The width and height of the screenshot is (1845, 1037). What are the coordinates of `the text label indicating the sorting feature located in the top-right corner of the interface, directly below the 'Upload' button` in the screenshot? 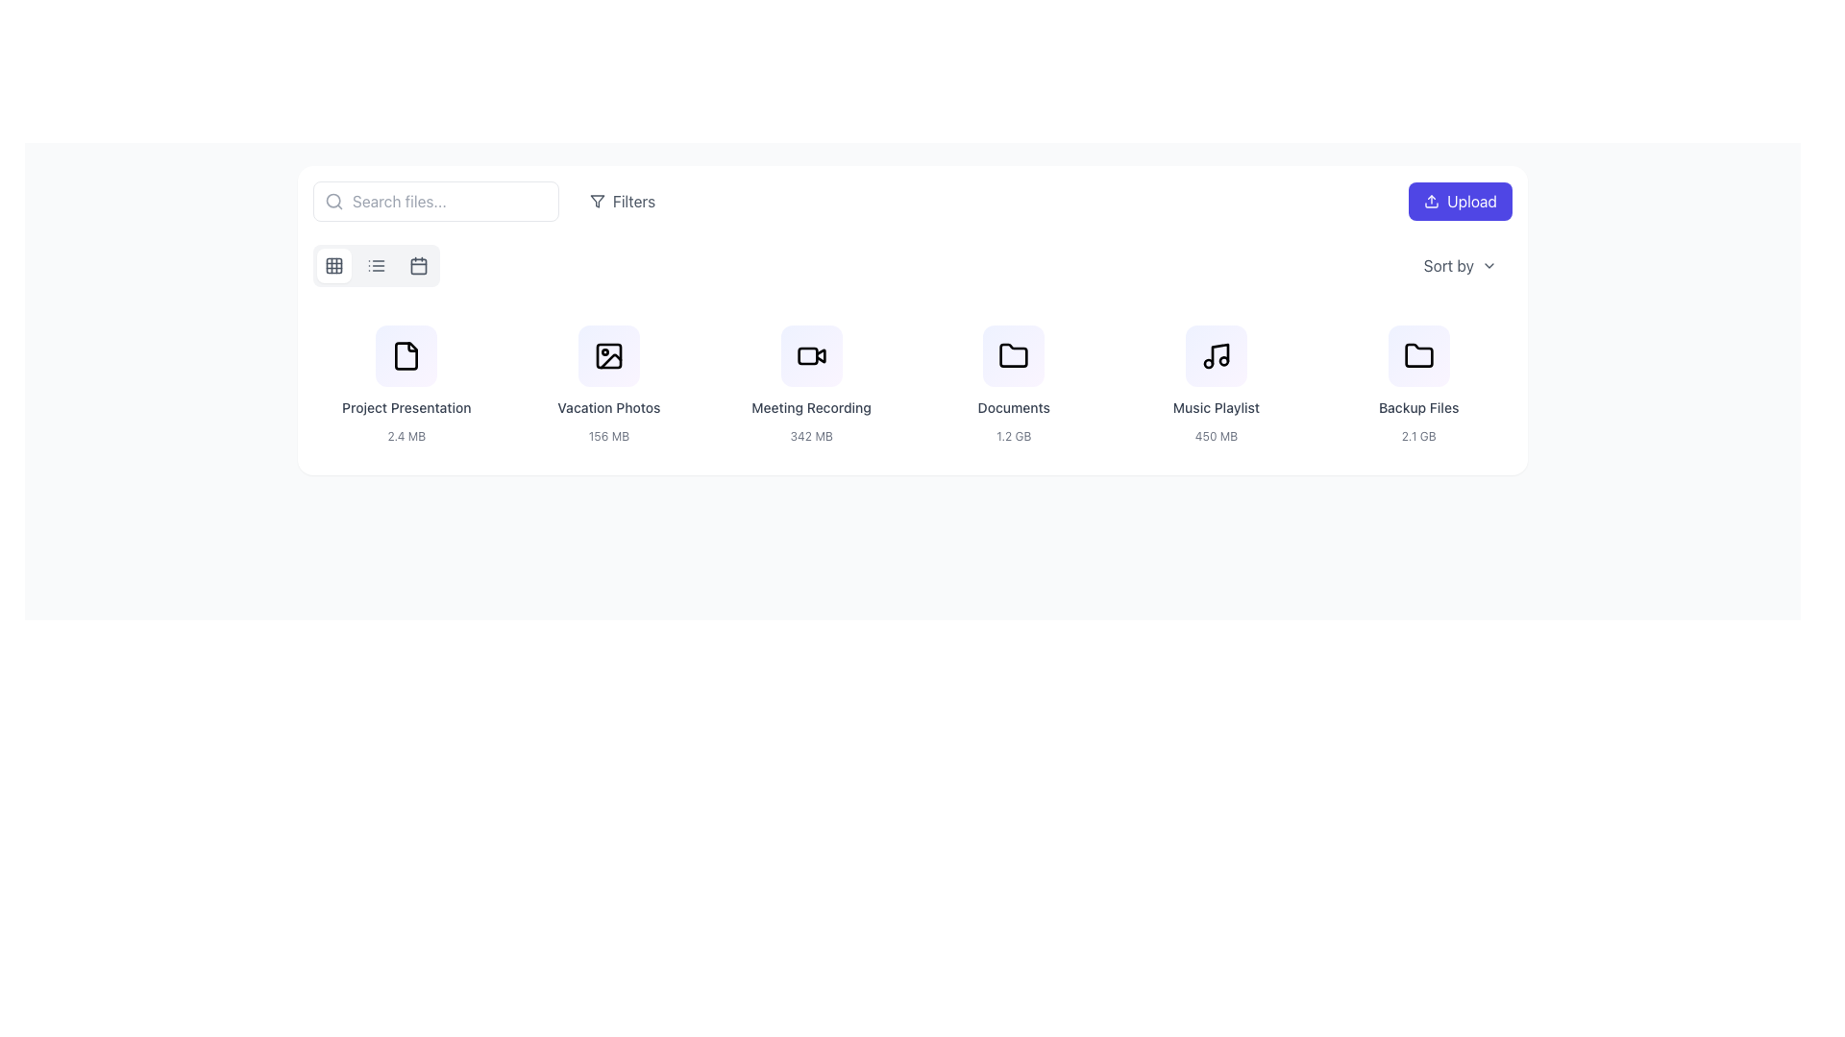 It's located at (1448, 266).